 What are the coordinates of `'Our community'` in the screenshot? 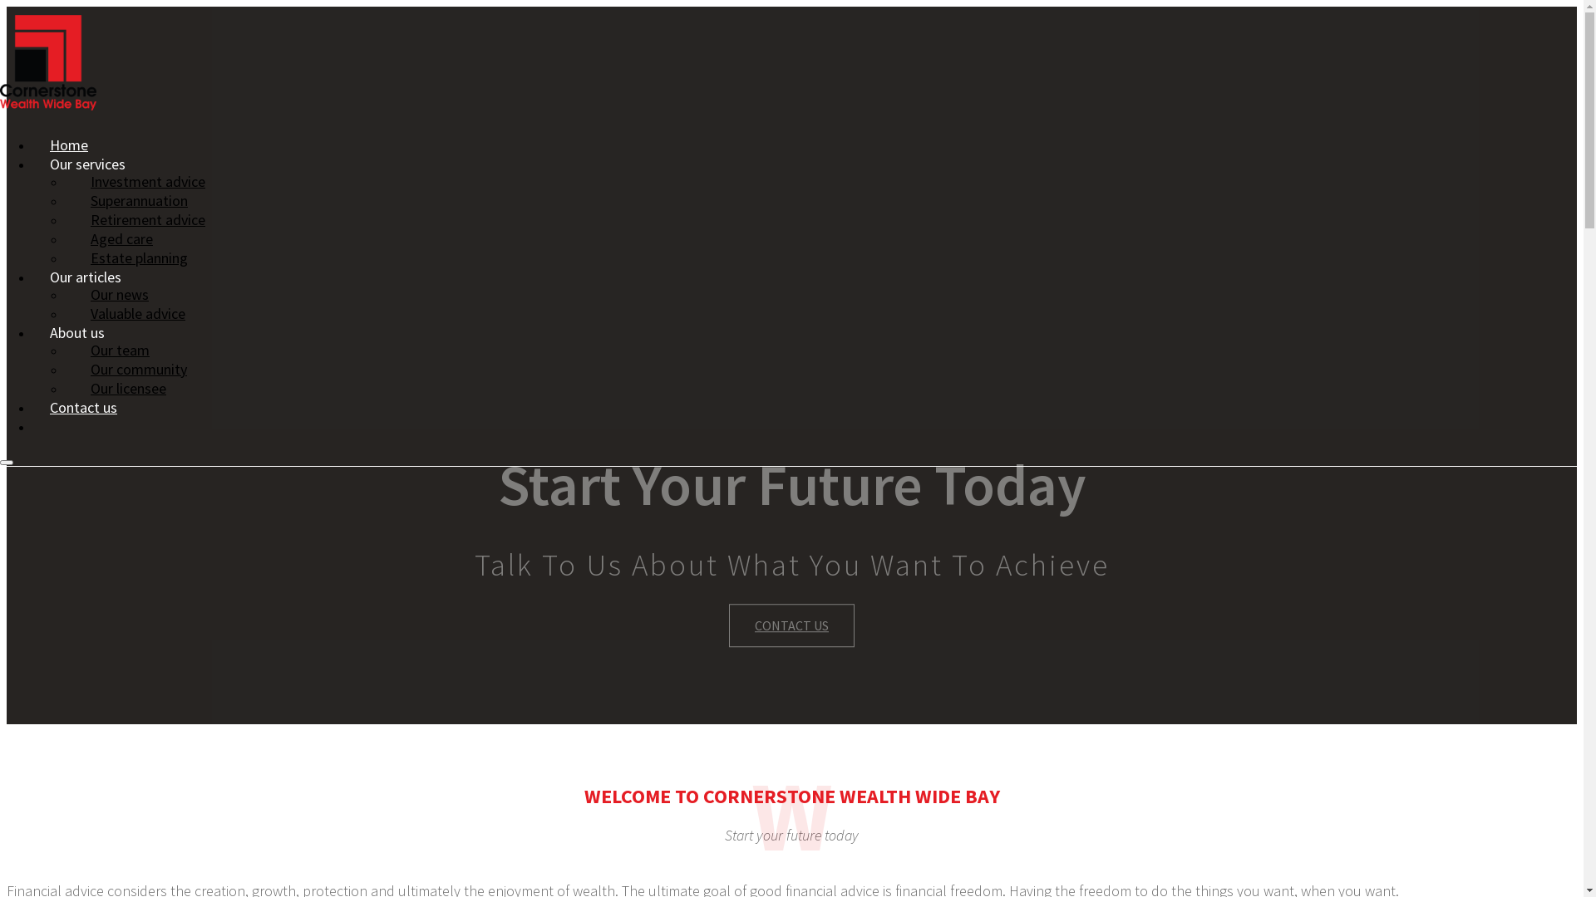 It's located at (139, 368).